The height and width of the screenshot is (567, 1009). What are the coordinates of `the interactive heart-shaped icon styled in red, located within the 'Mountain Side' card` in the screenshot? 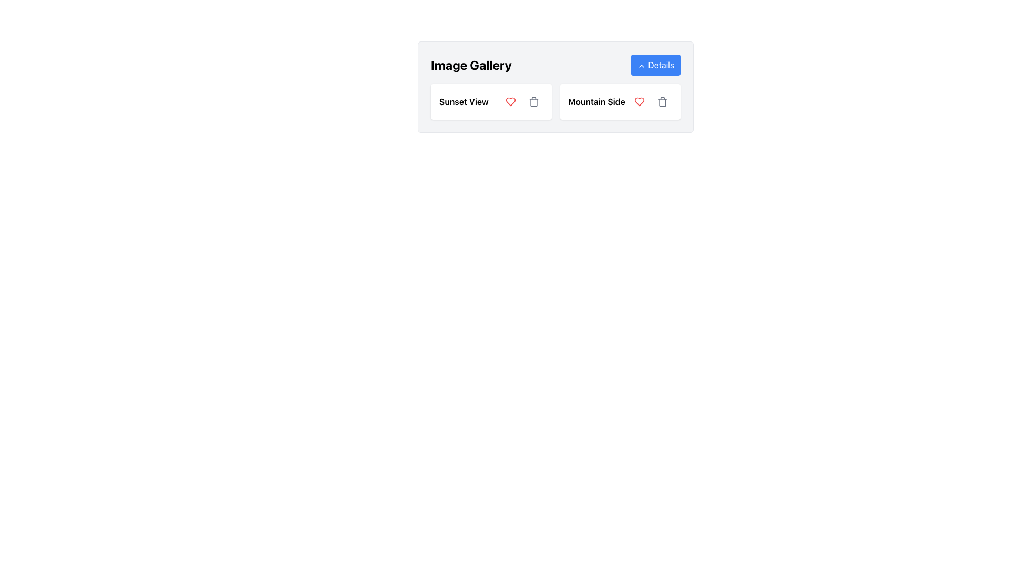 It's located at (639, 101).